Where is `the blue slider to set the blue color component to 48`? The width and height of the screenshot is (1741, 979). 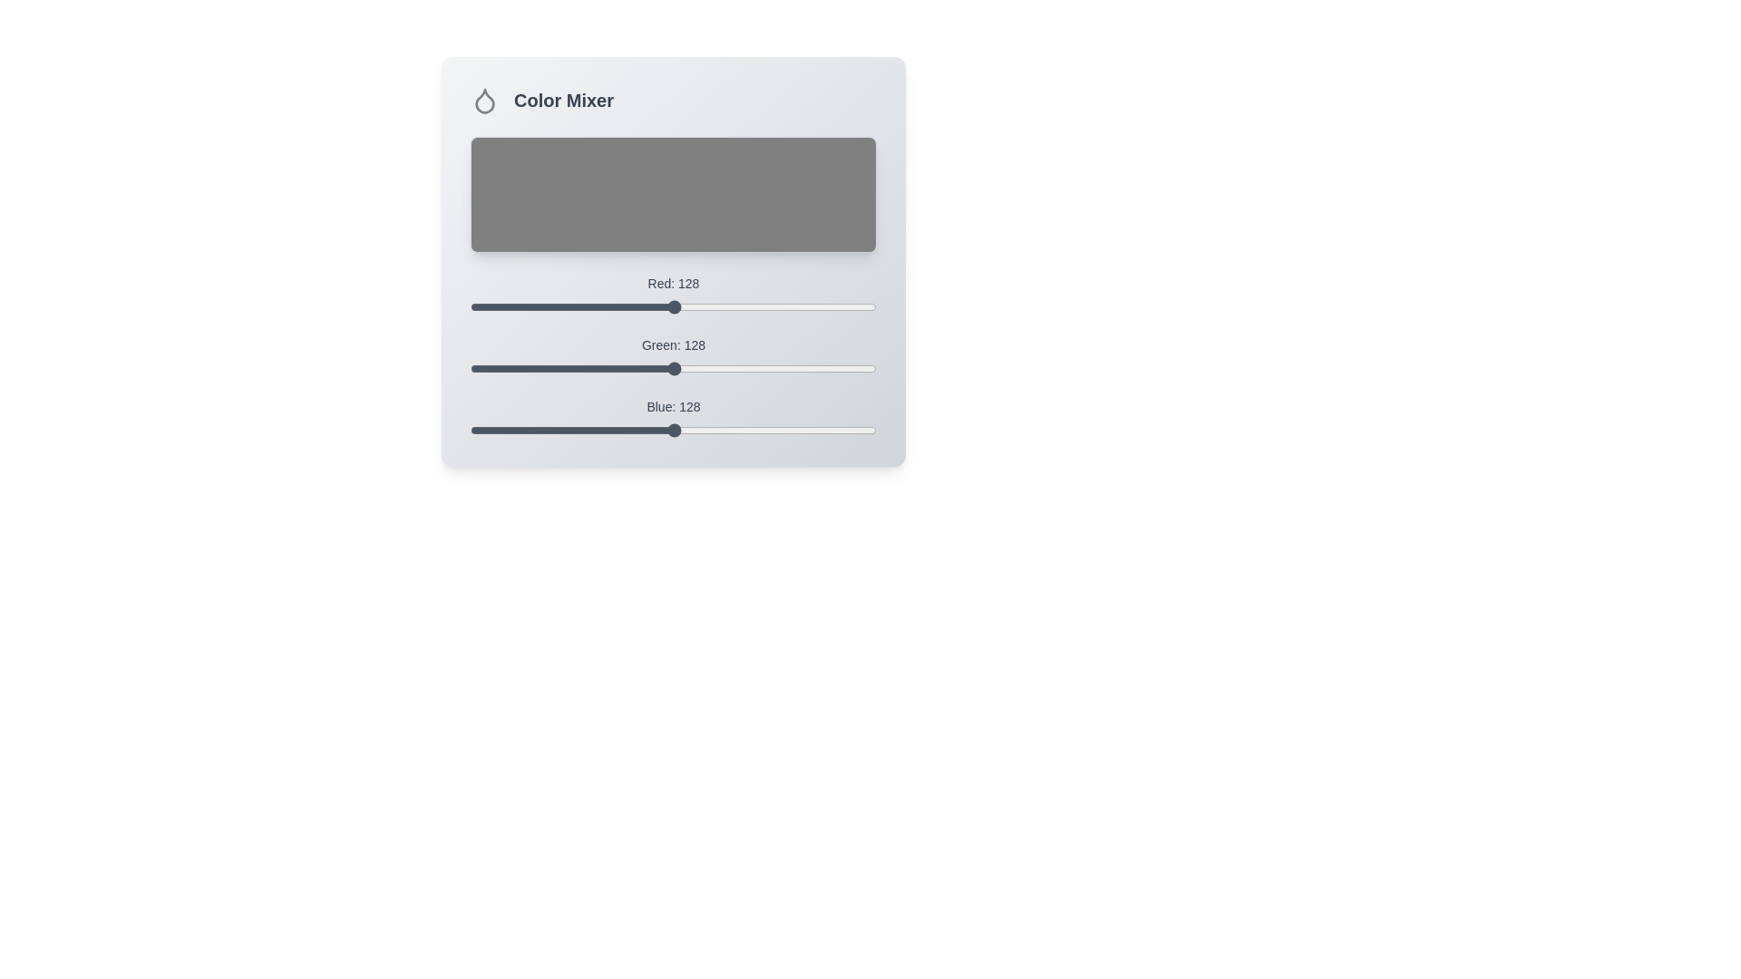
the blue slider to set the blue color component to 48 is located at coordinates (546, 430).